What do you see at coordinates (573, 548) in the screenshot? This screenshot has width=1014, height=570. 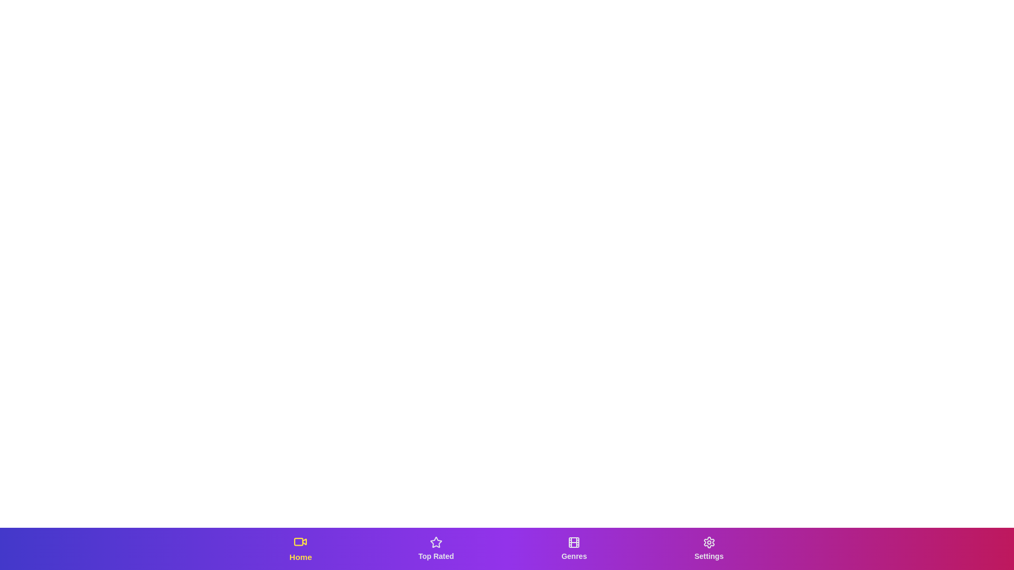 I see `the Genres tab to preview its effect` at bounding box center [573, 548].